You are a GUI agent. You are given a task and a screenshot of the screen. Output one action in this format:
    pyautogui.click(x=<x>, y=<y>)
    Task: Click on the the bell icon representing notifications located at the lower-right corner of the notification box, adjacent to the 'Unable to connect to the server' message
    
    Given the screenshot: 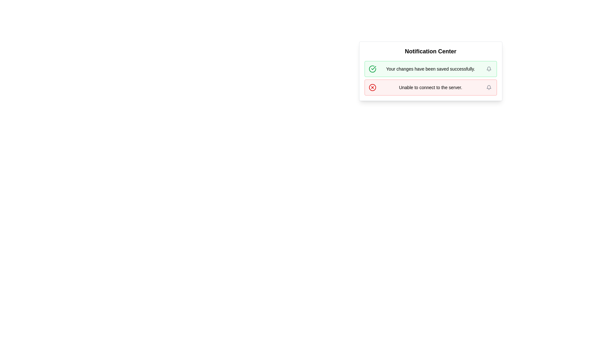 What is the action you would take?
    pyautogui.click(x=488, y=69)
    